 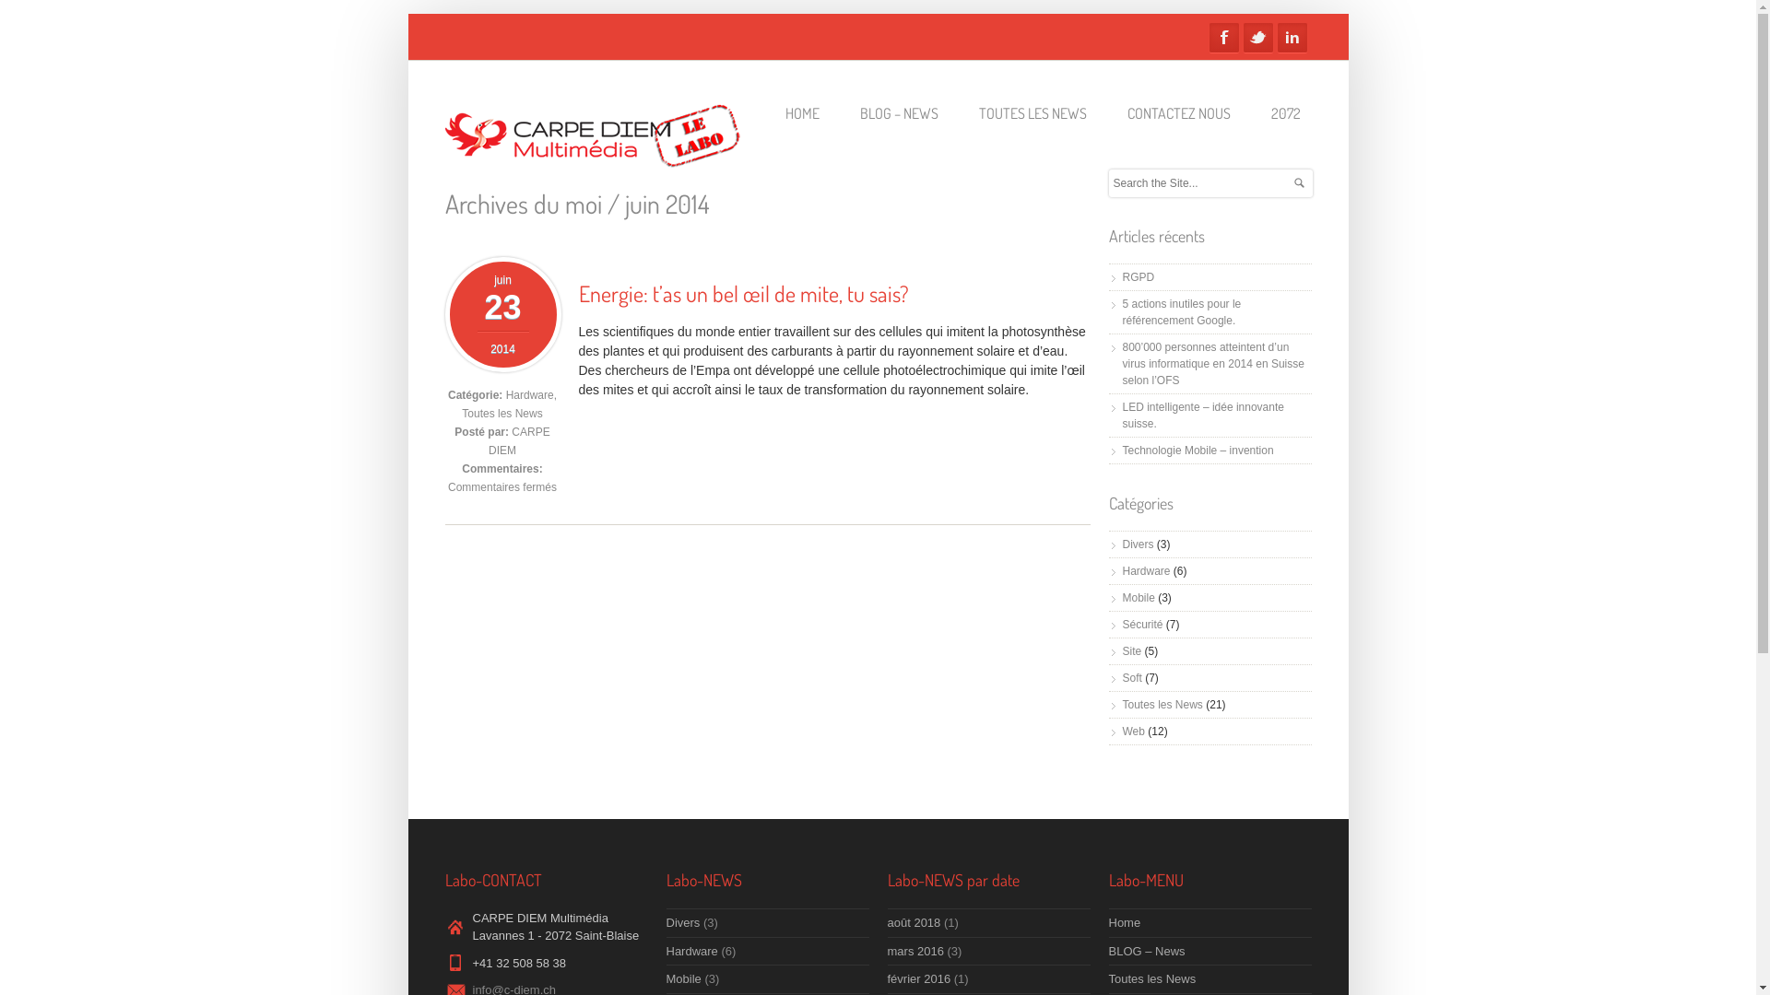 What do you see at coordinates (1283, 114) in the screenshot?
I see `'2072'` at bounding box center [1283, 114].